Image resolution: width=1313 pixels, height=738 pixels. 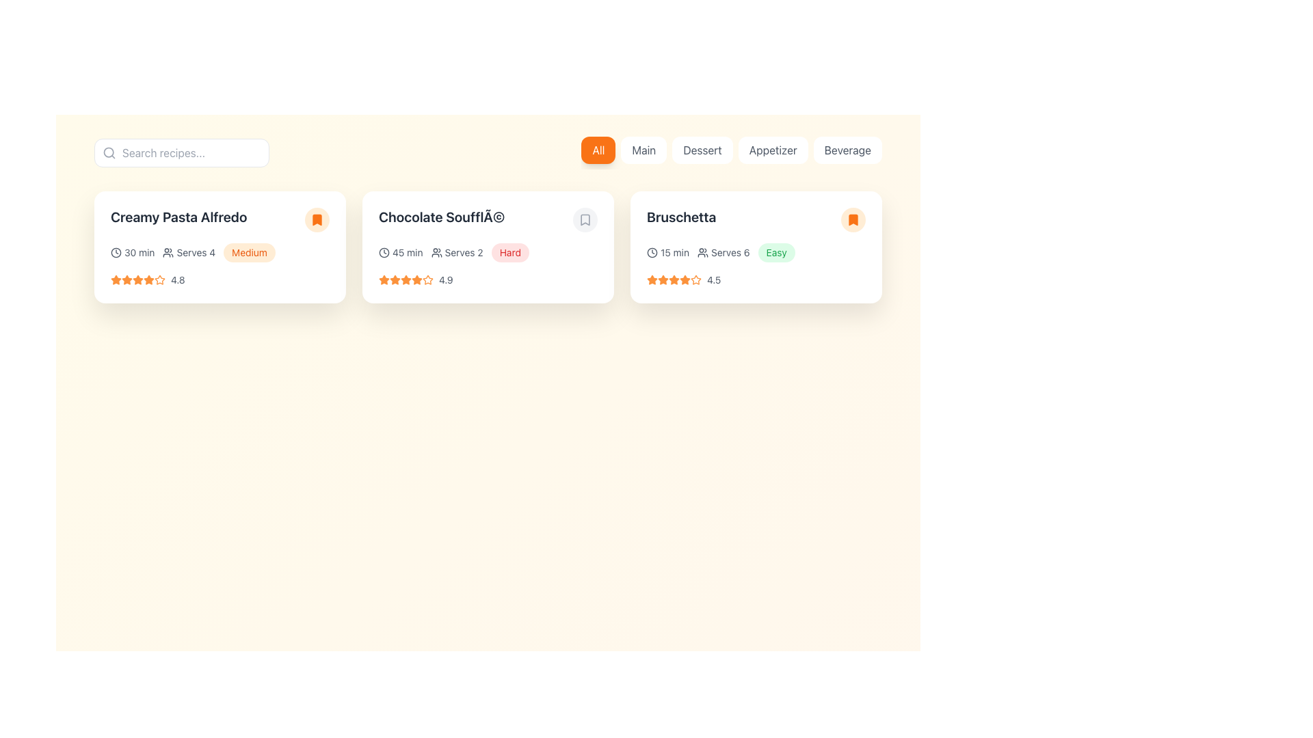 What do you see at coordinates (713, 279) in the screenshot?
I see `the text display that shows the numerical rating for the 'Bruschetta' recipe, located to the right of the star-based rating indicator` at bounding box center [713, 279].